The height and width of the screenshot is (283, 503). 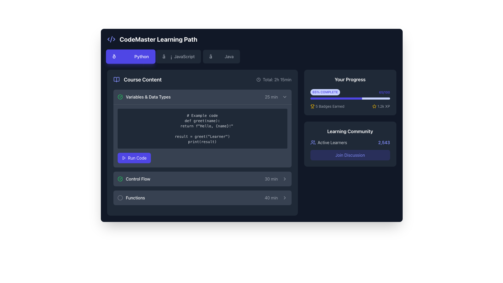 I want to click on text label 'Control Flow' located in the 'Course Content' section, which is the second item in the list and has a green check icon to its left, so click(x=138, y=178).